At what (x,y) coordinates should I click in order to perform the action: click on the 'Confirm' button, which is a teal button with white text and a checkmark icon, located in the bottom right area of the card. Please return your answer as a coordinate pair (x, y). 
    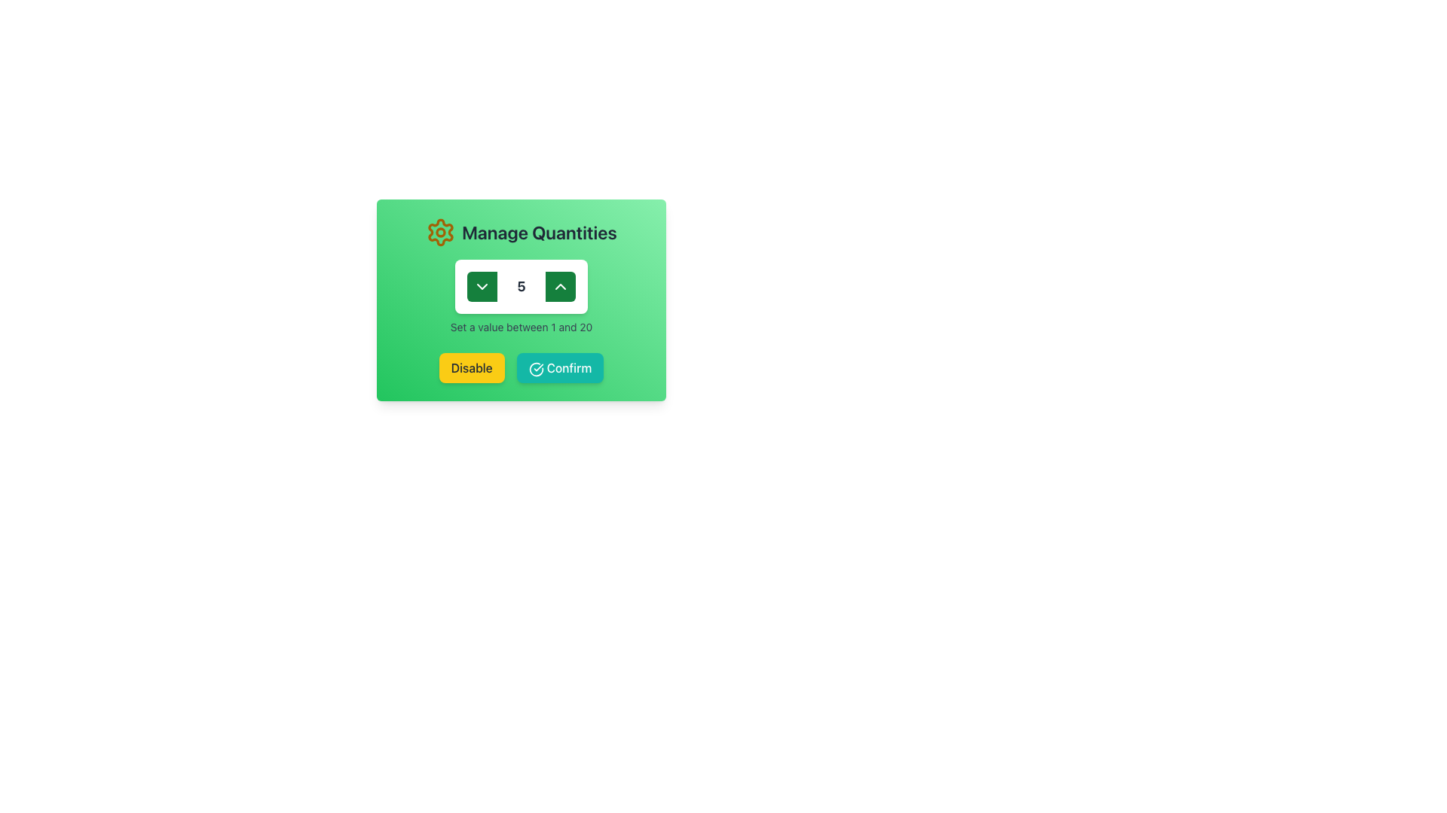
    Looking at the image, I should click on (559, 368).